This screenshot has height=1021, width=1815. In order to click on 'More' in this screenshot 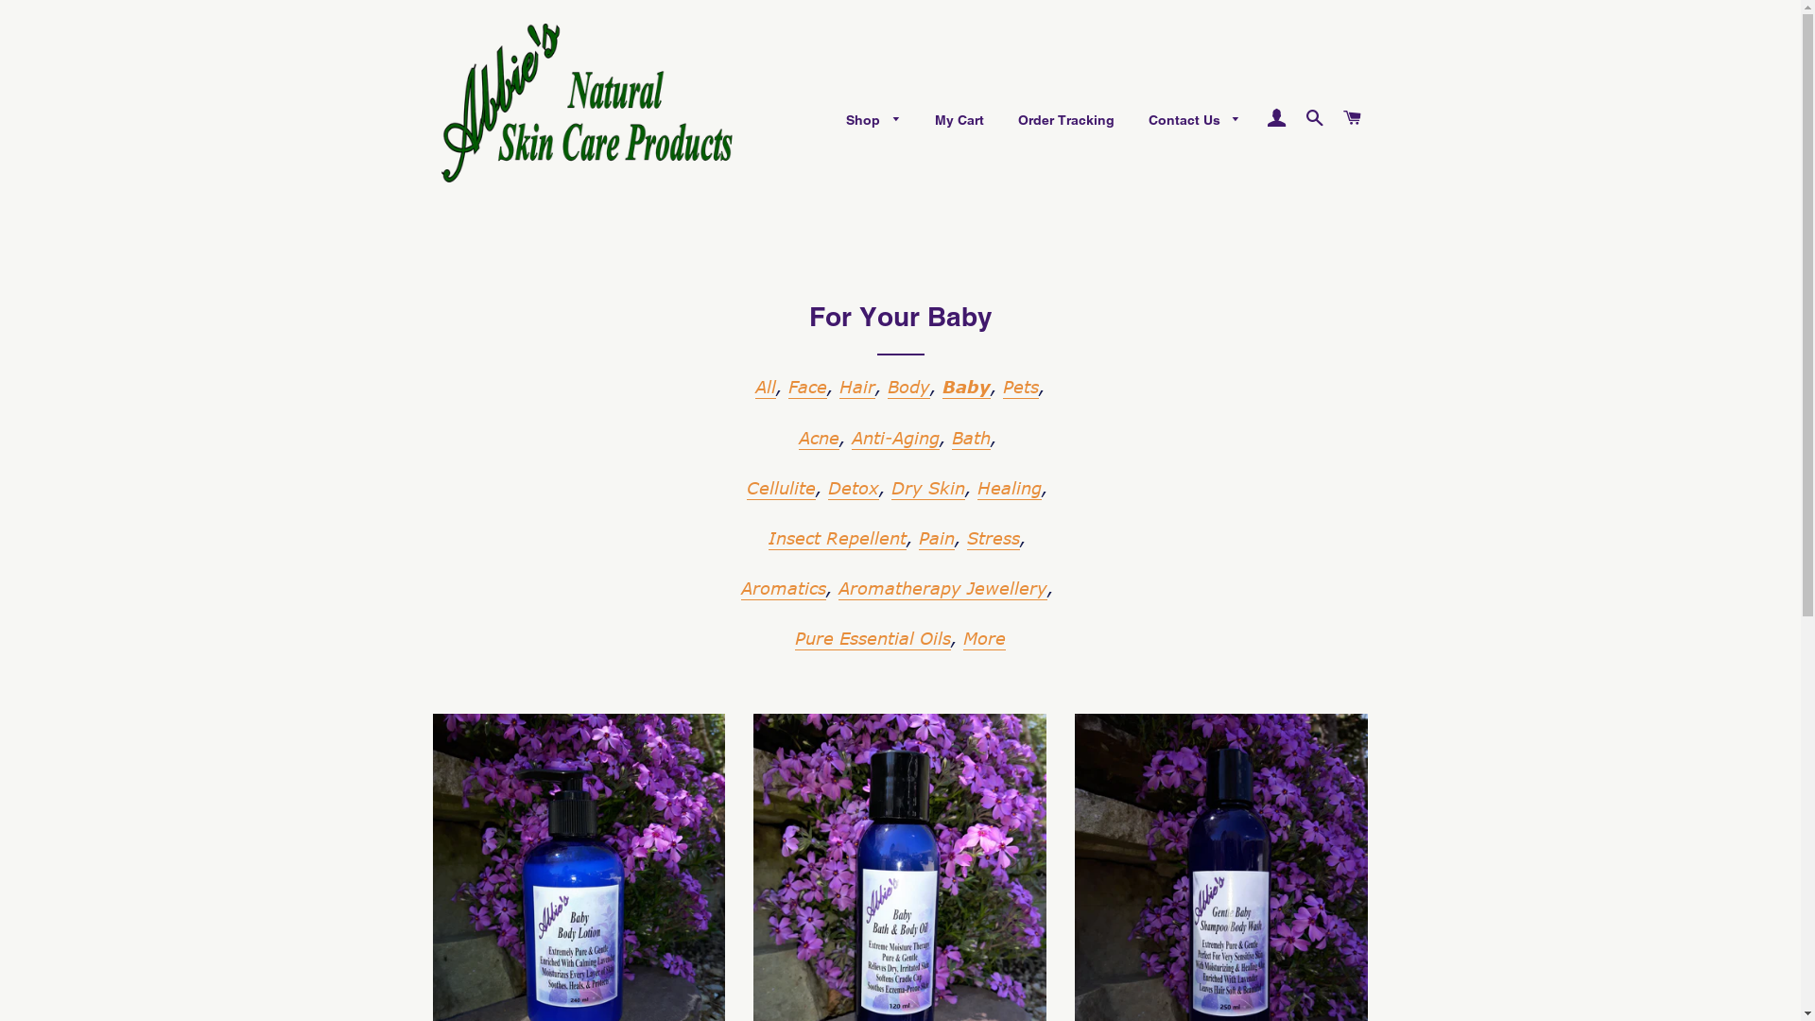, I will do `click(983, 638)`.